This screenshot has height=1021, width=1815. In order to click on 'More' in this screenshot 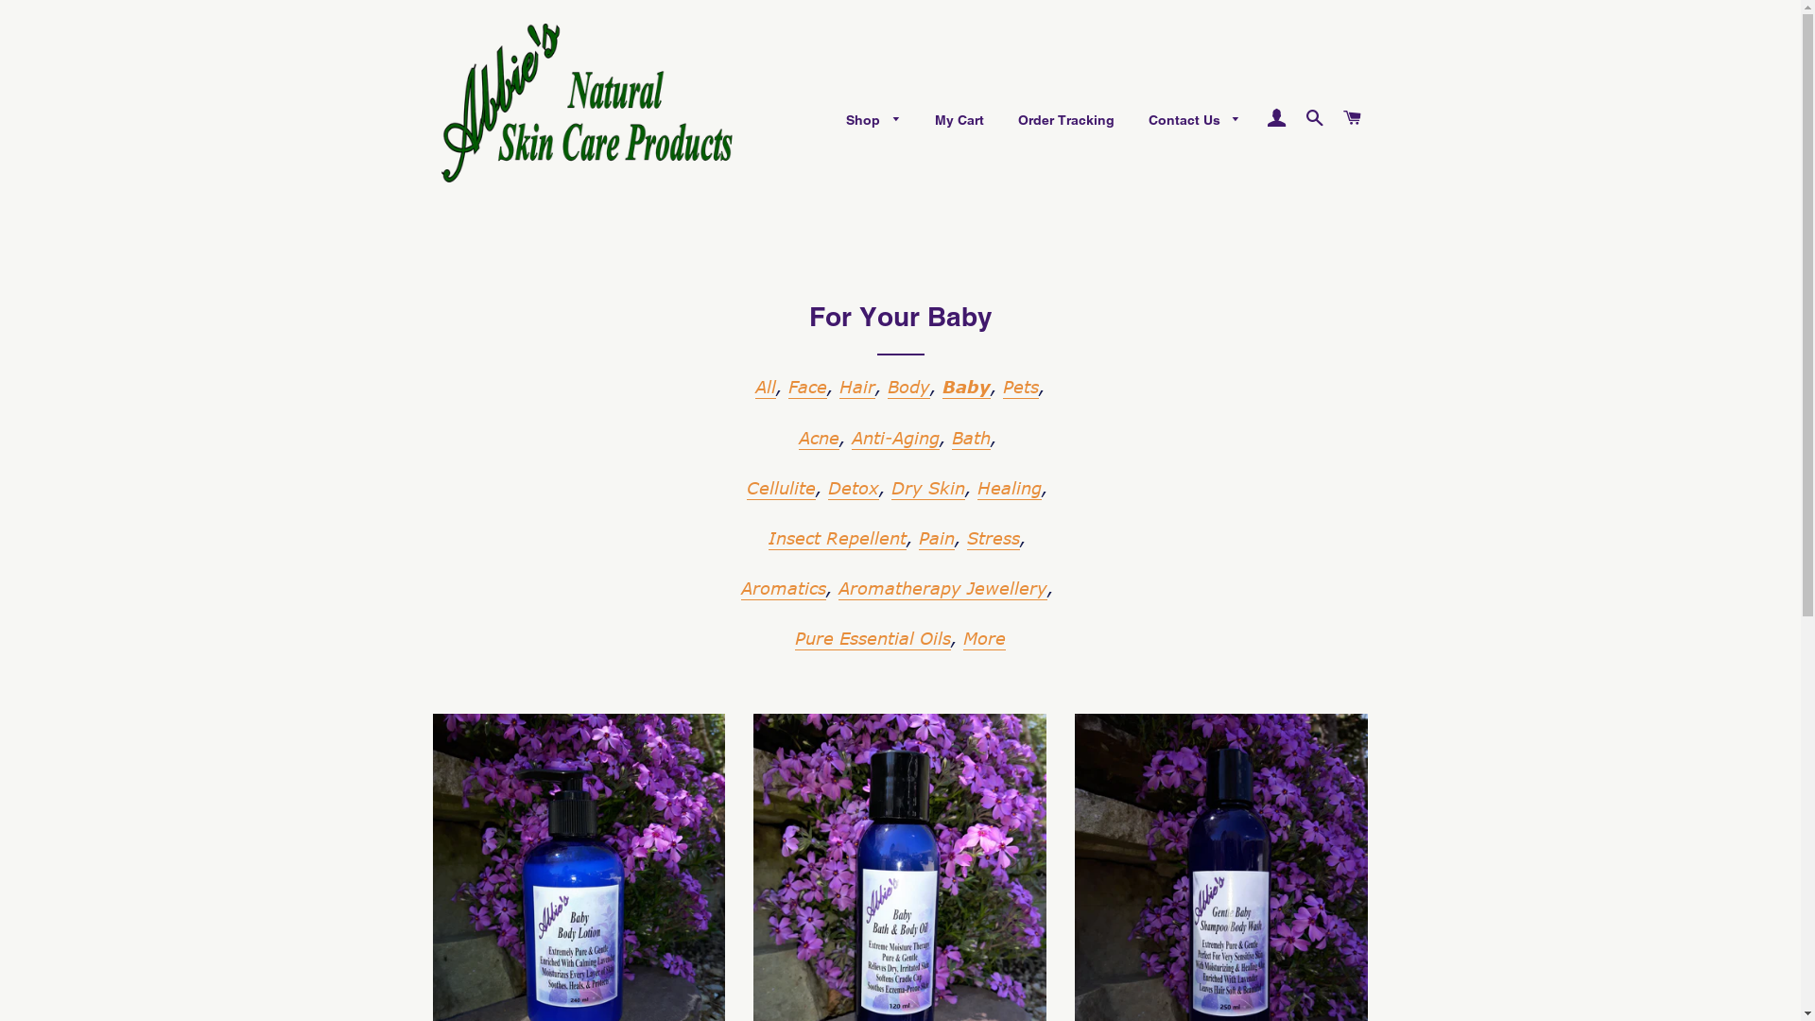, I will do `click(983, 638)`.